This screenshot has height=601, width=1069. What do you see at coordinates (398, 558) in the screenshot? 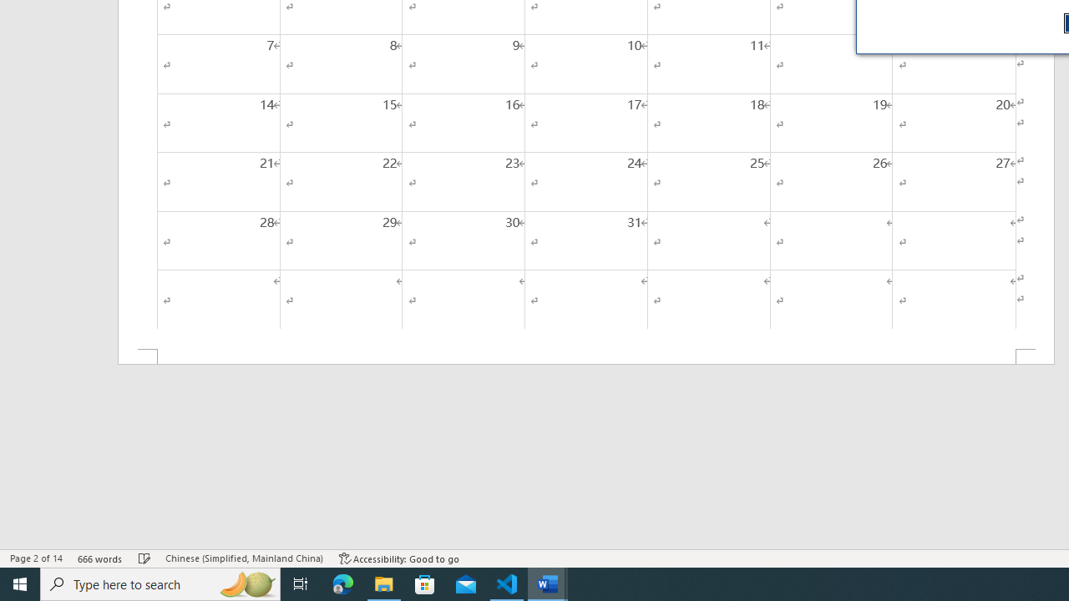
I see `'Accessibility Checker Accessibility: Good to go'` at bounding box center [398, 558].